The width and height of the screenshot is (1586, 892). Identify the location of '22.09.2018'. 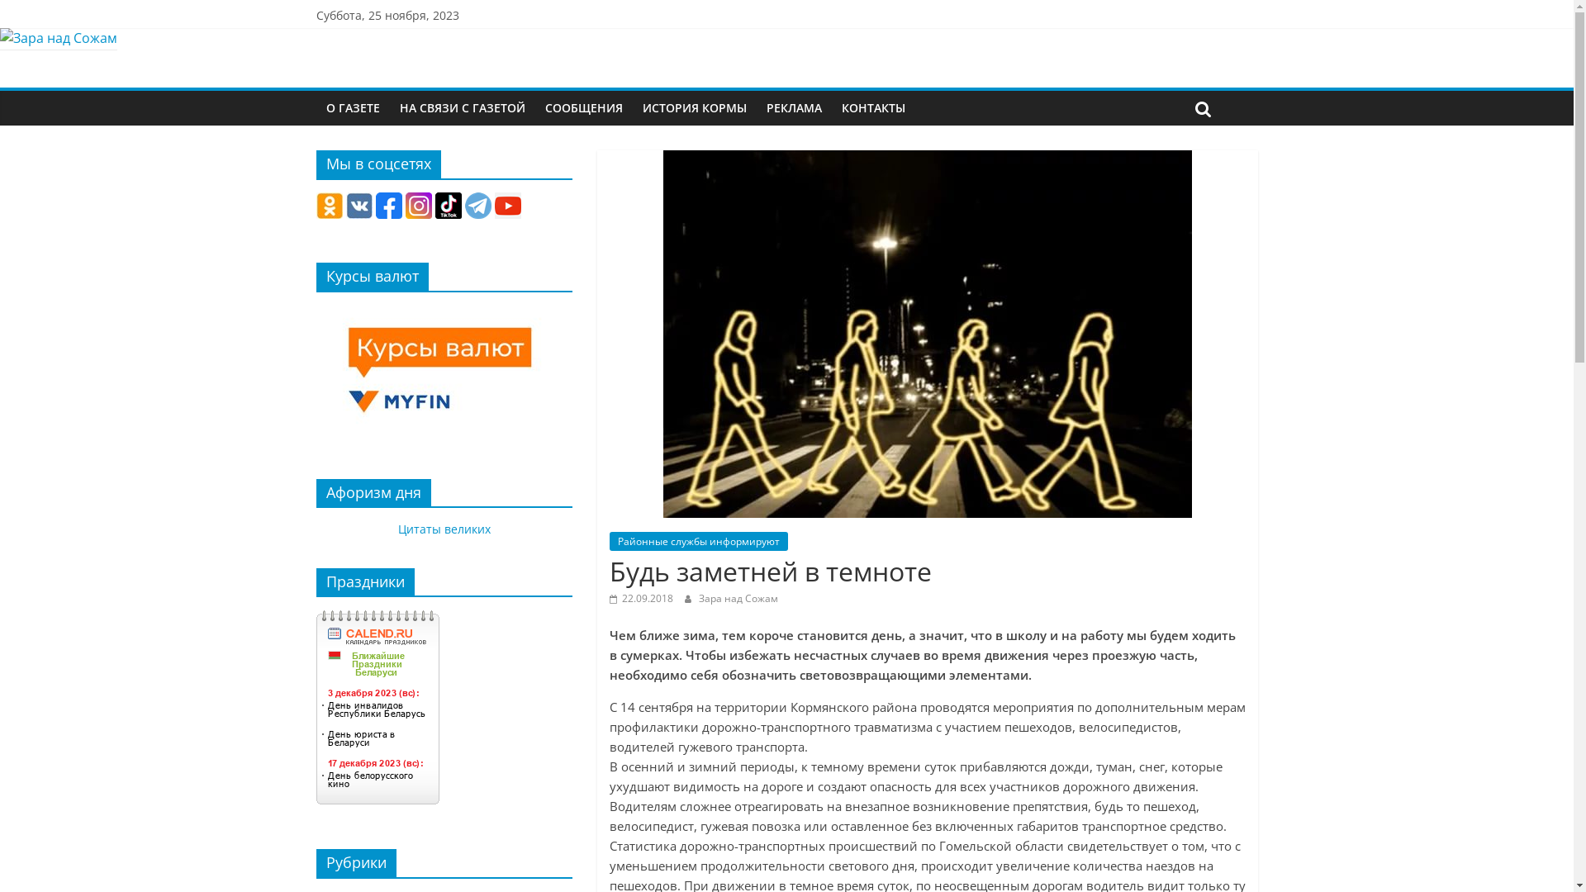
(640, 598).